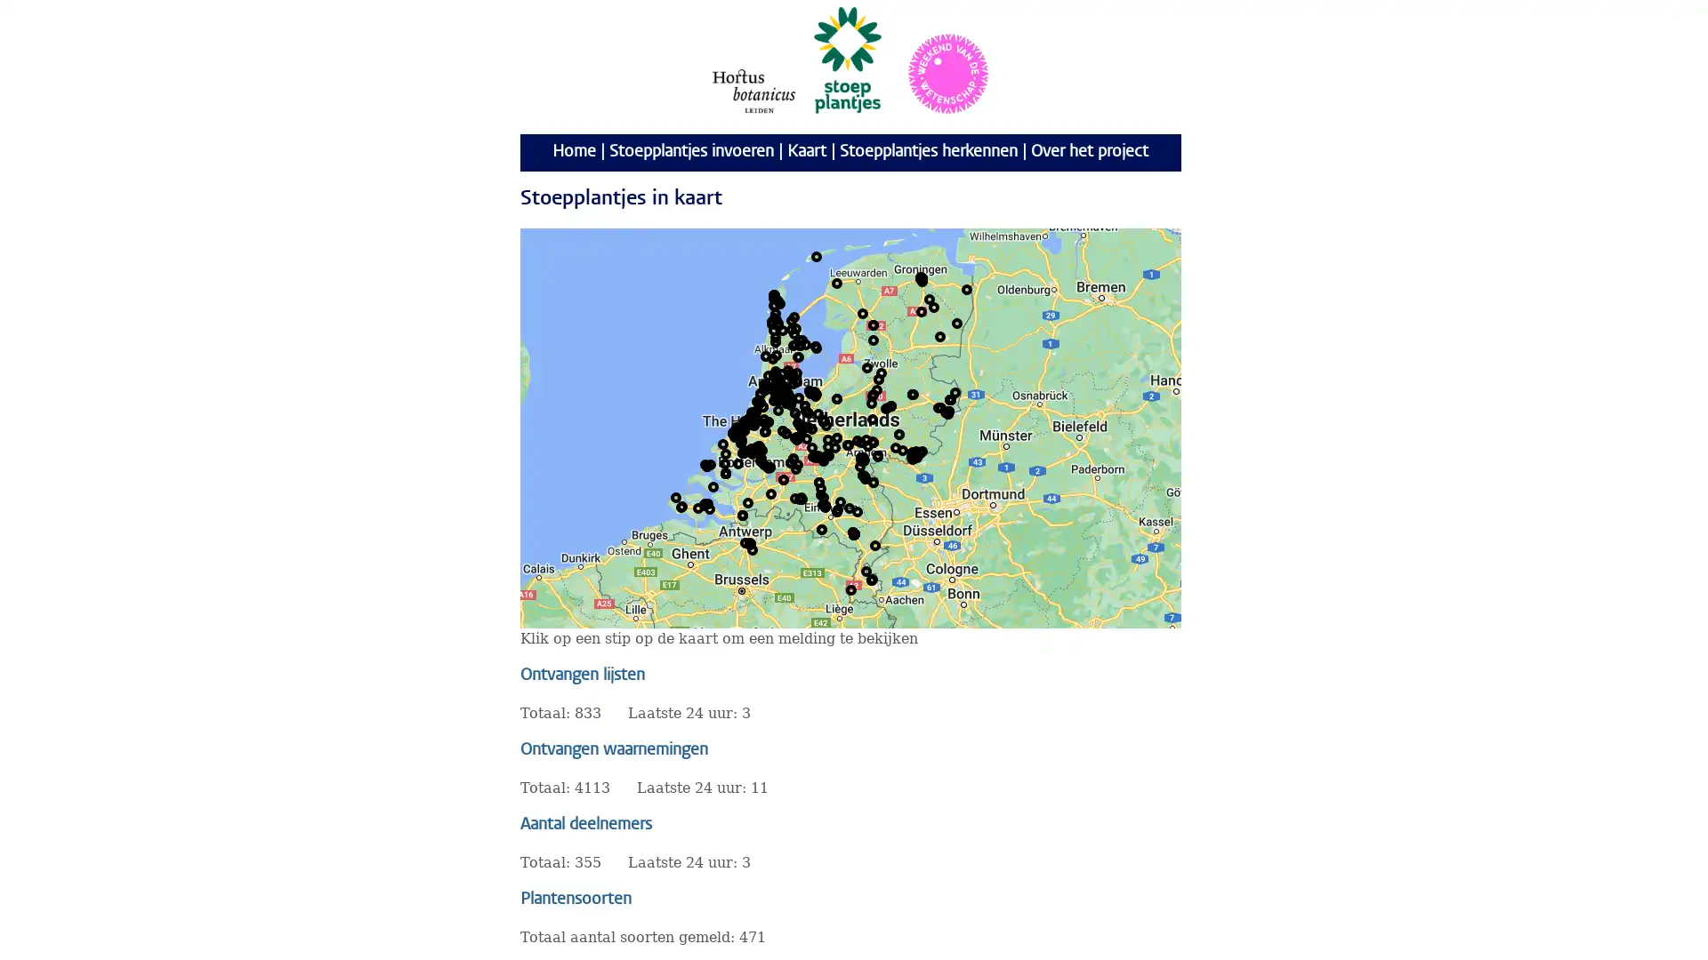 The image size is (1708, 960). What do you see at coordinates (753, 417) in the screenshot?
I see `Telling van Anna op 12 mei 2022` at bounding box center [753, 417].